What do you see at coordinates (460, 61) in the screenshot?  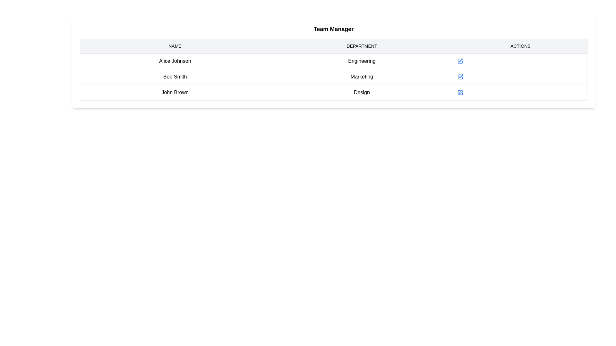 I see `the edit icon button located in the Actions column of the first row in the table aligned with the Engineering department entry to initiate the edit action` at bounding box center [460, 61].